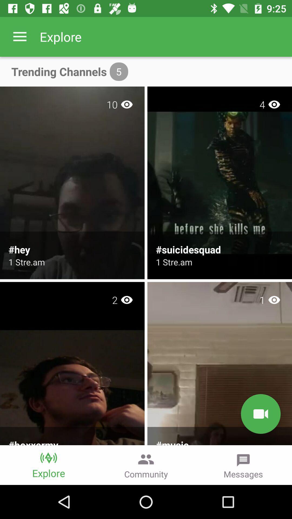 The image size is (292, 519). I want to click on the videocam icon, so click(260, 414).